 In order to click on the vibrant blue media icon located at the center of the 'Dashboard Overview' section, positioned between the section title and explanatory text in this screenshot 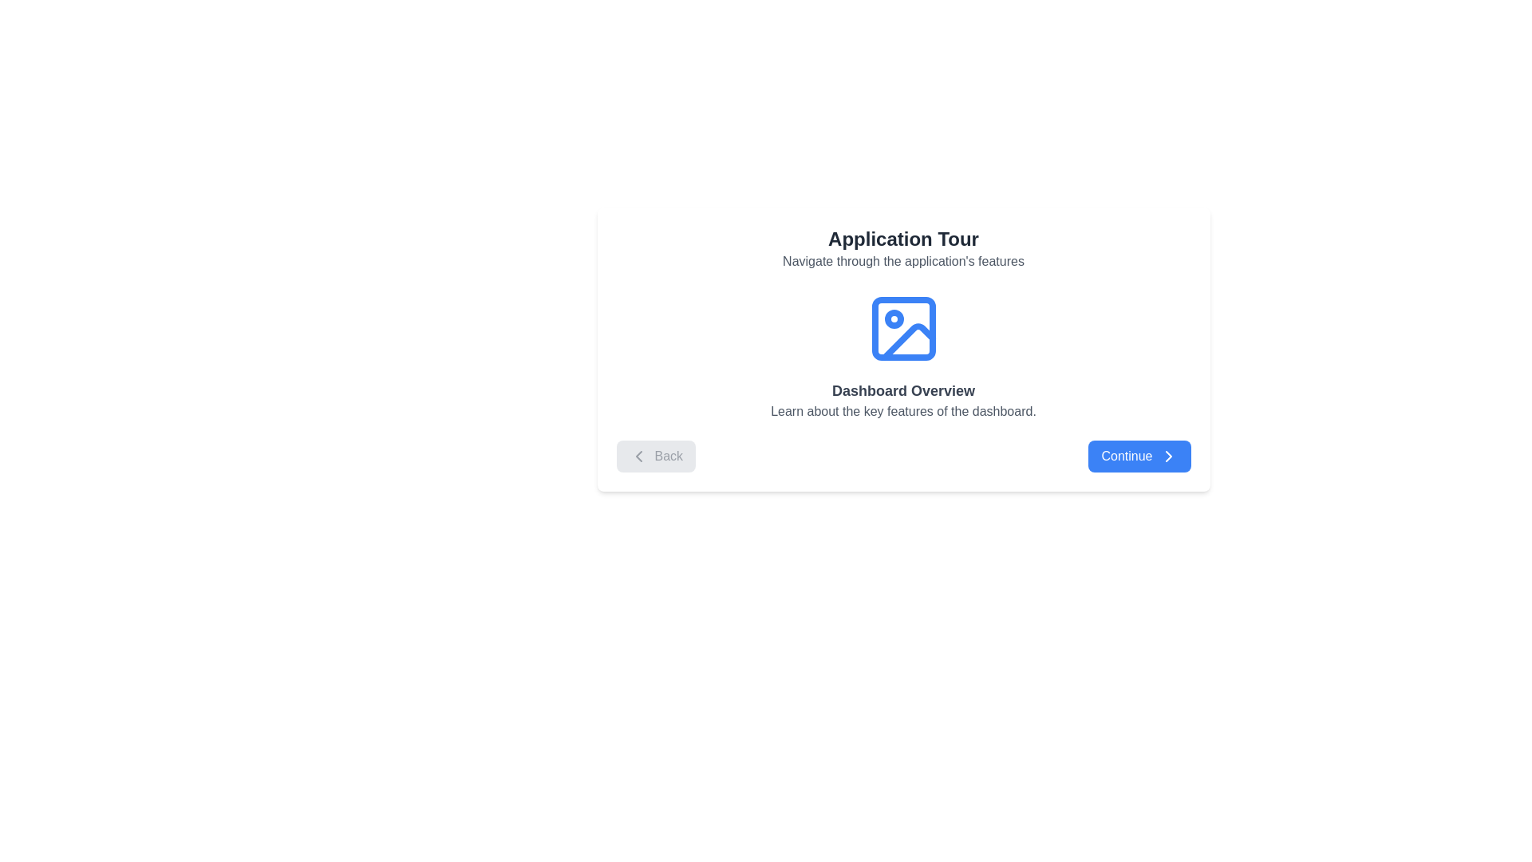, I will do `click(903, 328)`.